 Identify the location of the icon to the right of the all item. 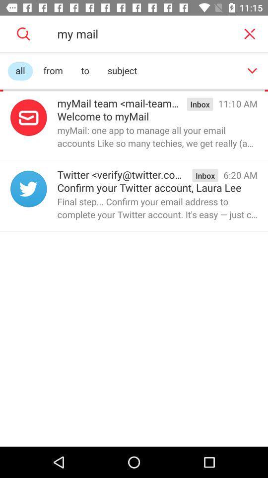
(53, 71).